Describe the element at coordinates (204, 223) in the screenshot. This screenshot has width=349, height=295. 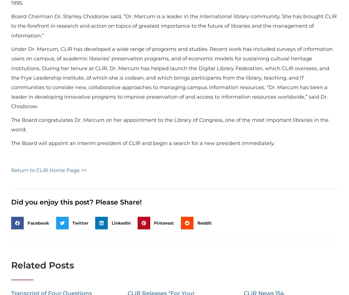
I see `'Reddit'` at that location.